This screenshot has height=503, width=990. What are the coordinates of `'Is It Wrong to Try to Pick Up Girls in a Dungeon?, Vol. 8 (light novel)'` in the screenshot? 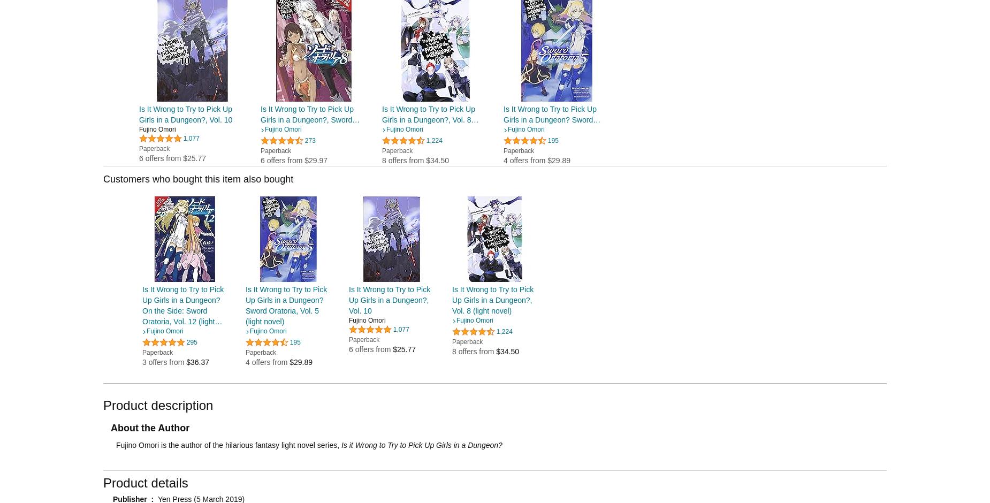 It's located at (492, 299).